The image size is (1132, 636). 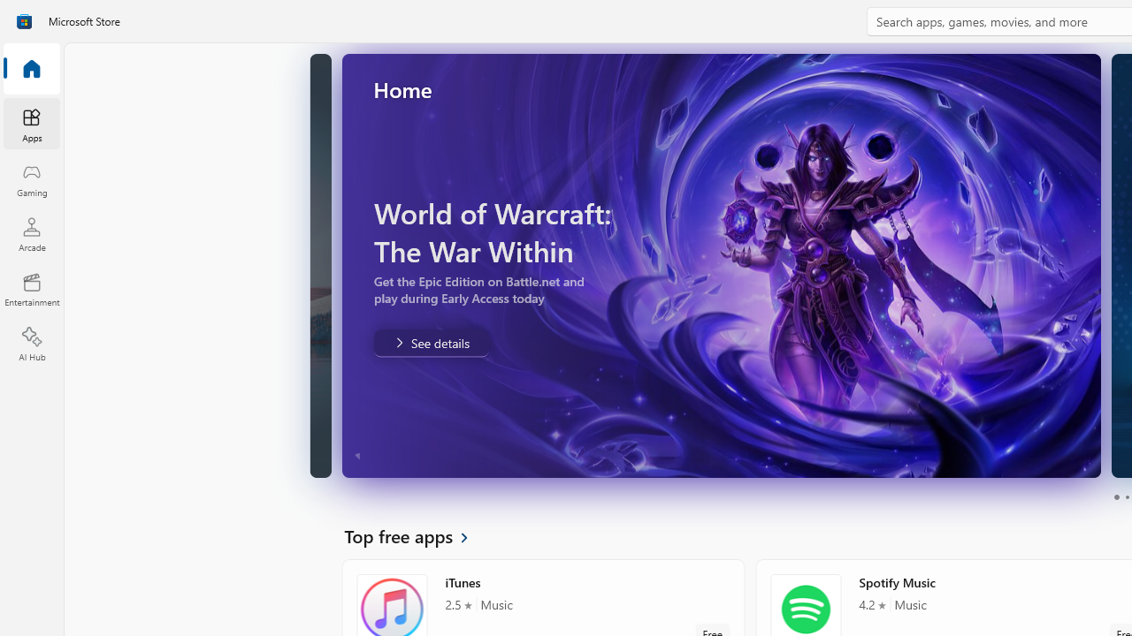 What do you see at coordinates (31, 233) in the screenshot?
I see `'Arcade'` at bounding box center [31, 233].